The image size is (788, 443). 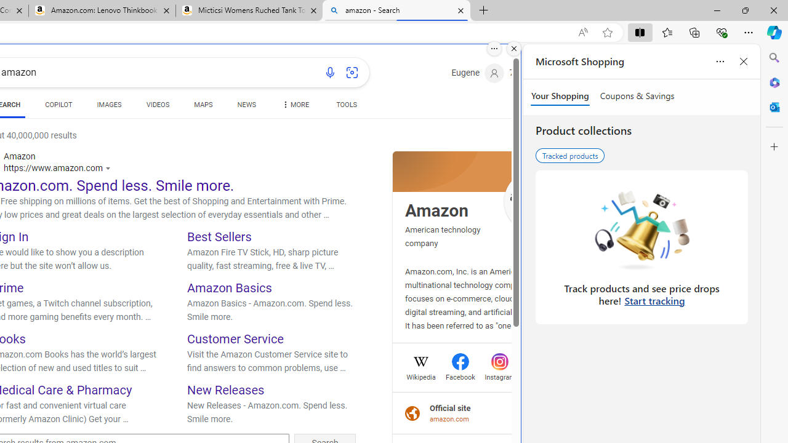 What do you see at coordinates (449, 418) in the screenshot?
I see `'amazon.com'` at bounding box center [449, 418].